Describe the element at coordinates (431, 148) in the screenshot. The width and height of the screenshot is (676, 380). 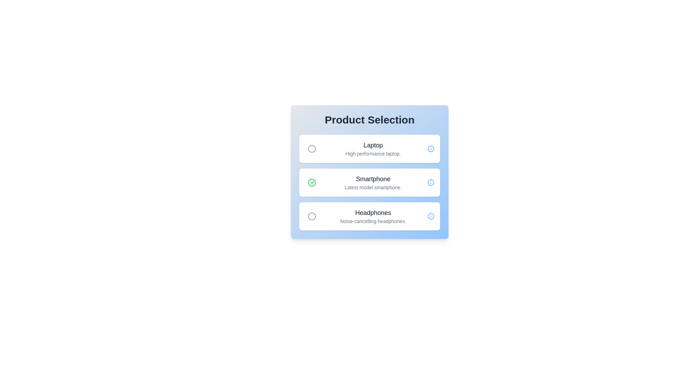
I see `the 'info' icon to view details of the product Laptop` at that location.